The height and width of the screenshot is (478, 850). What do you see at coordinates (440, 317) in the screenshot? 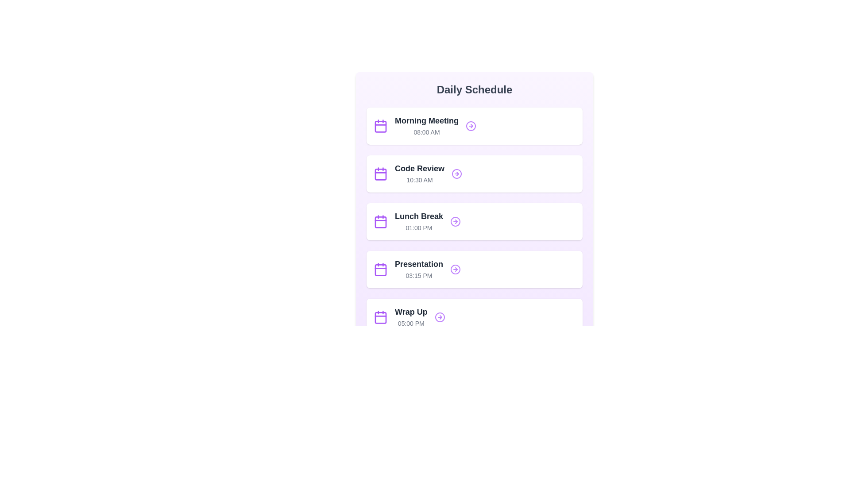
I see `the circular component of the SVG icon's right-hand arrow in the 'Wrap Up' section of the schedule view` at bounding box center [440, 317].